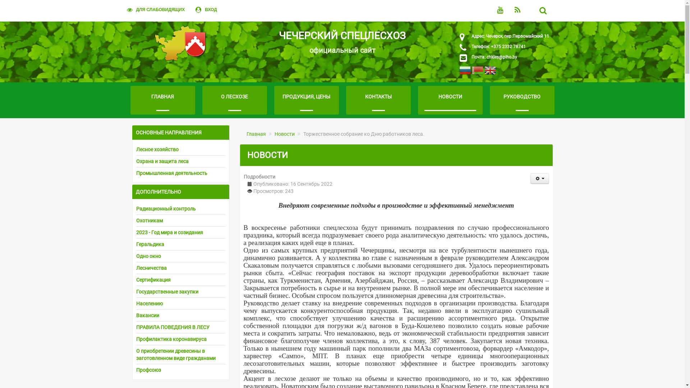  I want to click on 'Belarusian', so click(477, 72).